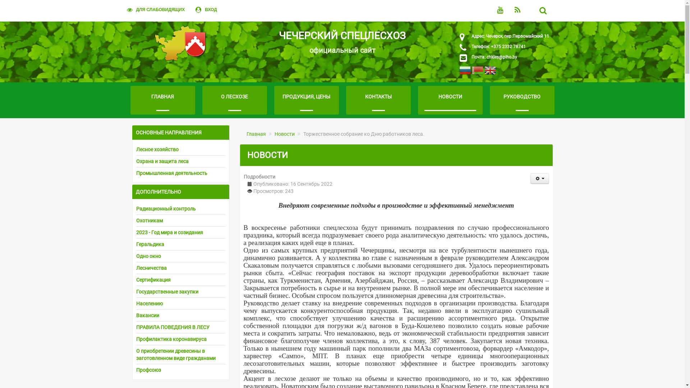  I want to click on 'Belarusian', so click(477, 72).